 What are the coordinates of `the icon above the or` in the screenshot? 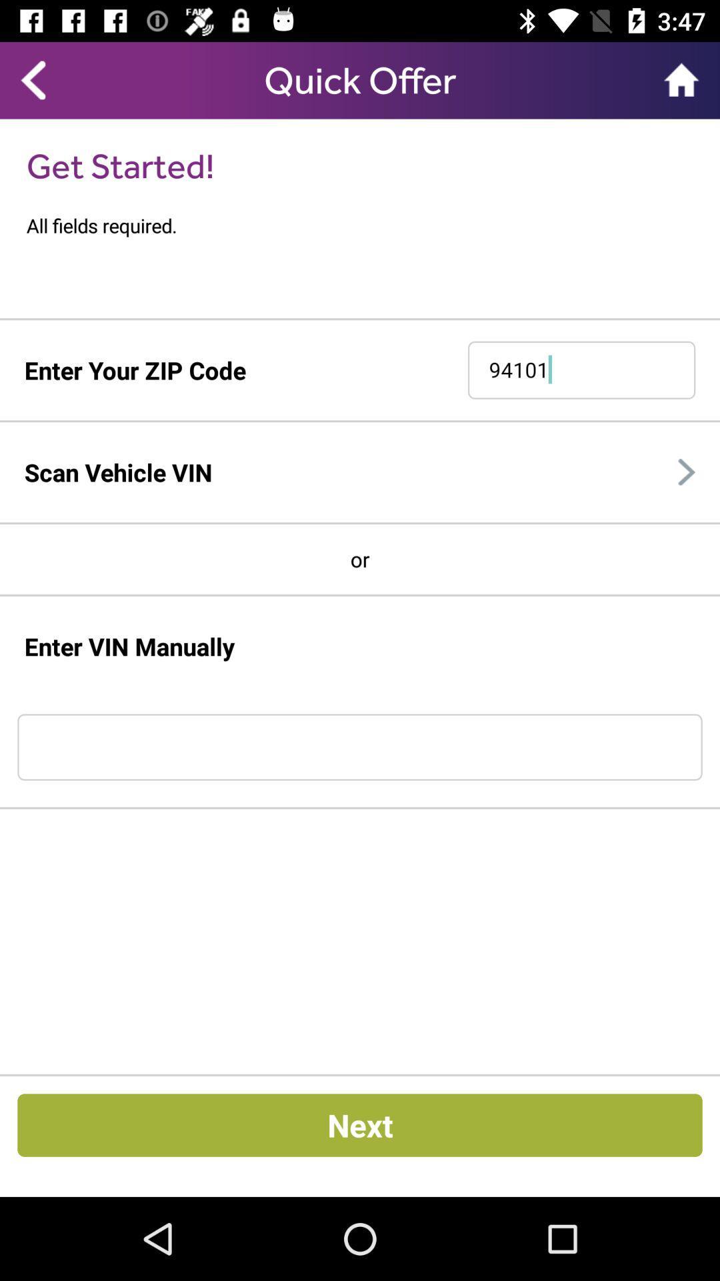 It's located at (360, 522).